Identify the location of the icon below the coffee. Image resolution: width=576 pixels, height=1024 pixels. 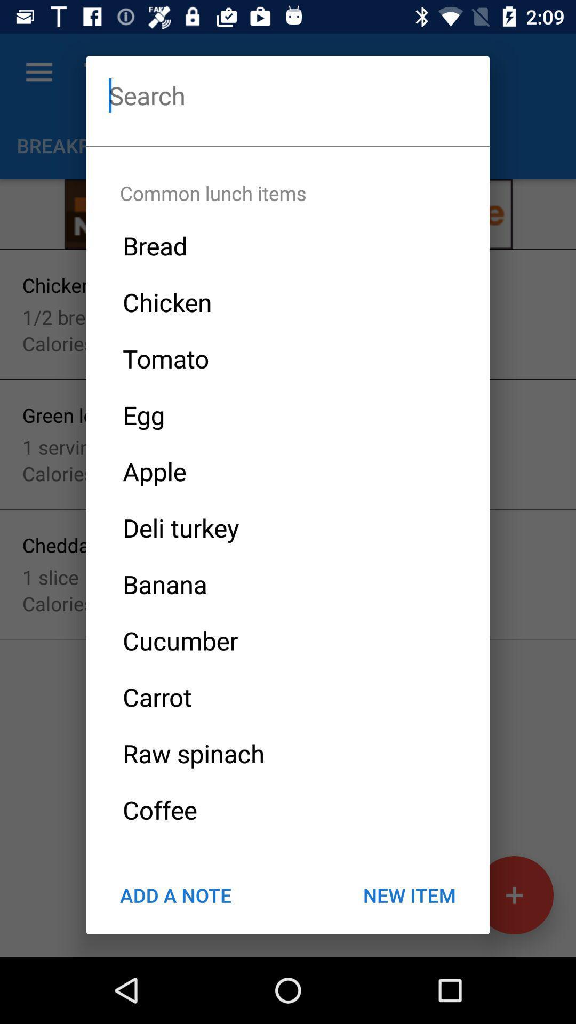
(175, 895).